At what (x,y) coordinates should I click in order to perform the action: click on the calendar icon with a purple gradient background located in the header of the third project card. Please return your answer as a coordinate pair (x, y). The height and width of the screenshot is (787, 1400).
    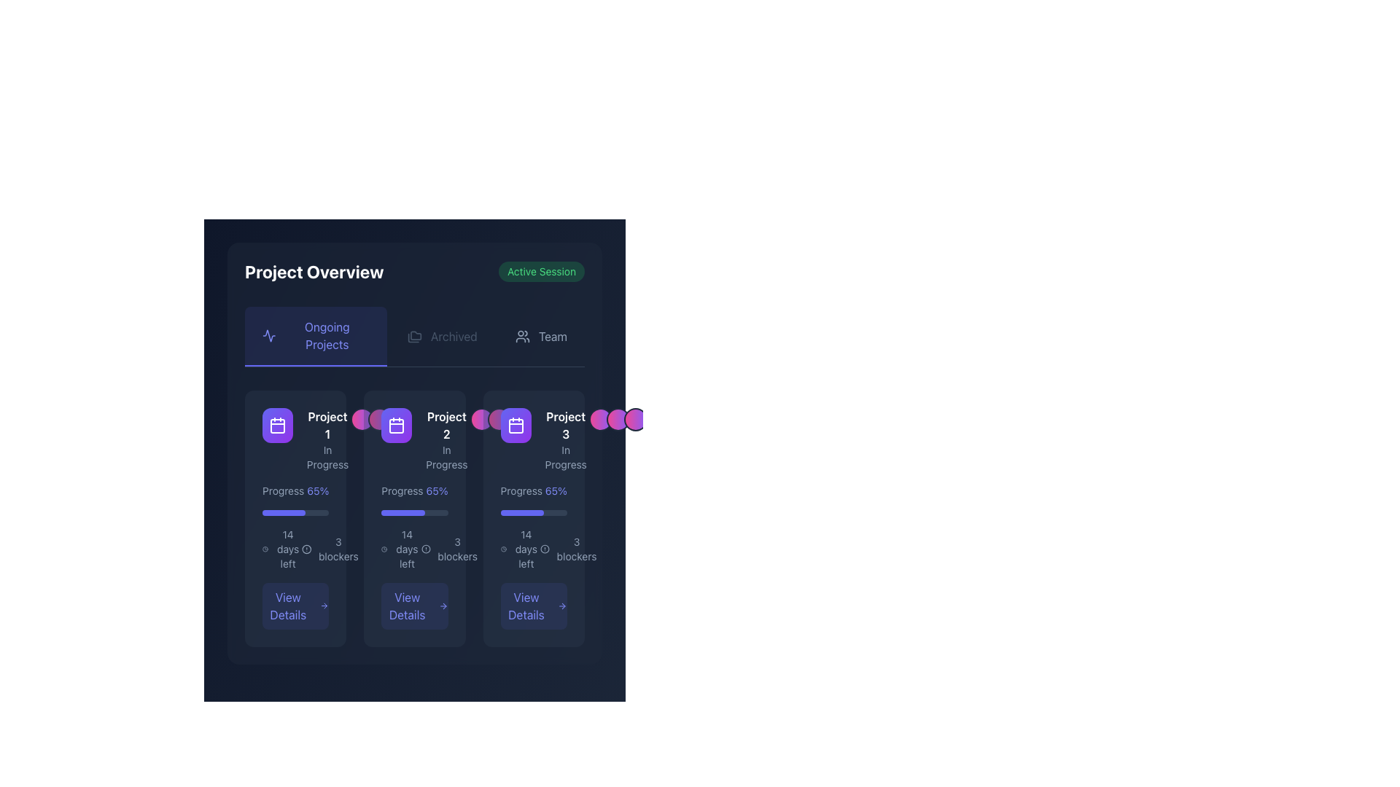
    Looking at the image, I should click on (516, 425).